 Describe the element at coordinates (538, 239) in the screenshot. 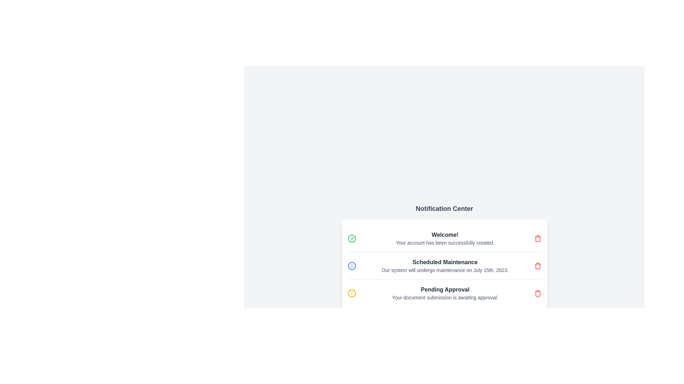

I see `the delete button located at the far right of the first notification card, adjacent to the text 'Welcome! Your account has been successfully created.'` at that location.